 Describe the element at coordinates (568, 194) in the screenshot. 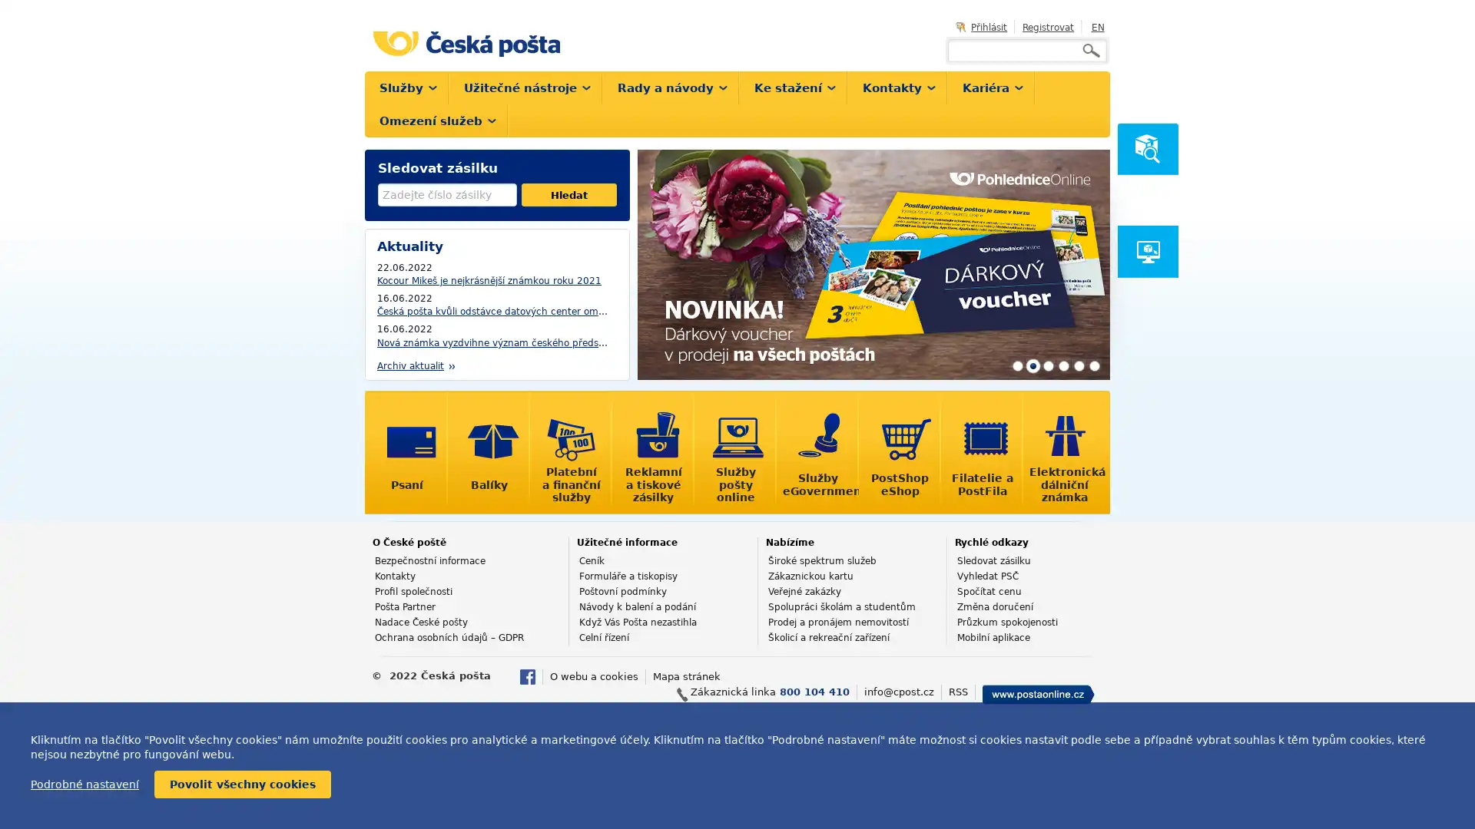

I see `Hledat` at that location.